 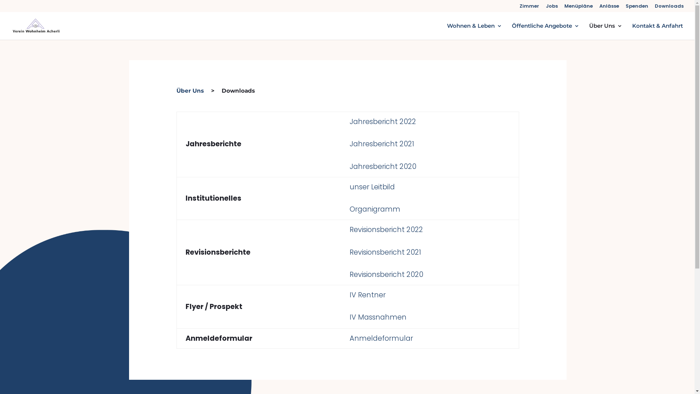 What do you see at coordinates (382, 121) in the screenshot?
I see `'Jahresbericht 2022'` at bounding box center [382, 121].